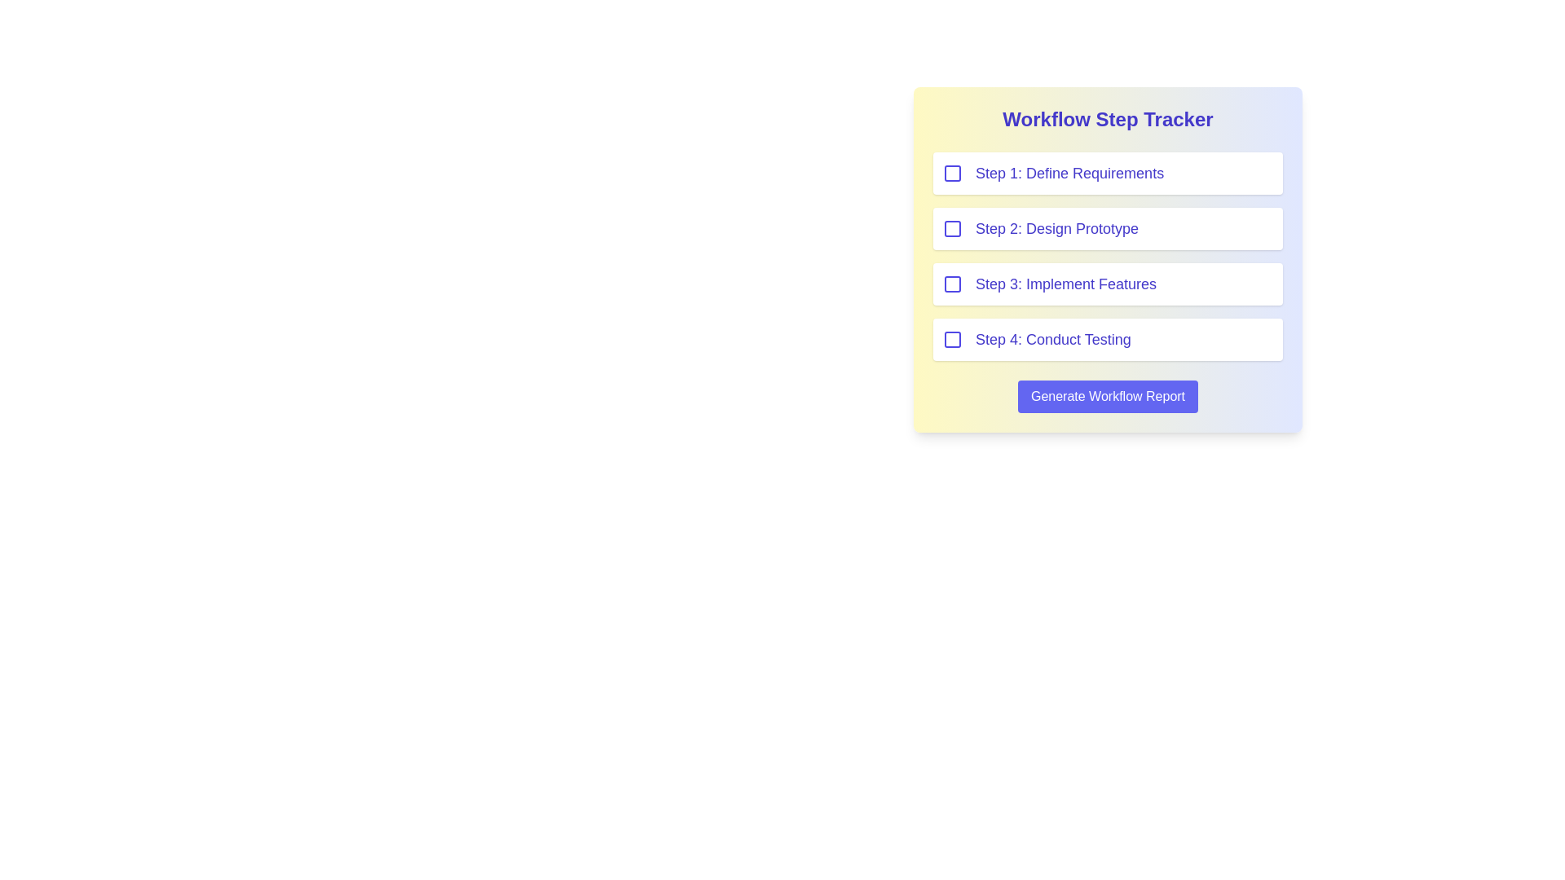  What do you see at coordinates (953, 338) in the screenshot?
I see `the checkbox associated with 'Step 4: Conduct Testing'` at bounding box center [953, 338].